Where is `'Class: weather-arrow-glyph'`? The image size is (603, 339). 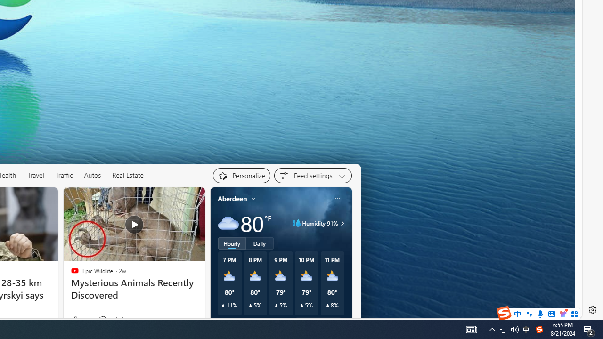
'Class: weather-arrow-glyph' is located at coordinates (342, 223).